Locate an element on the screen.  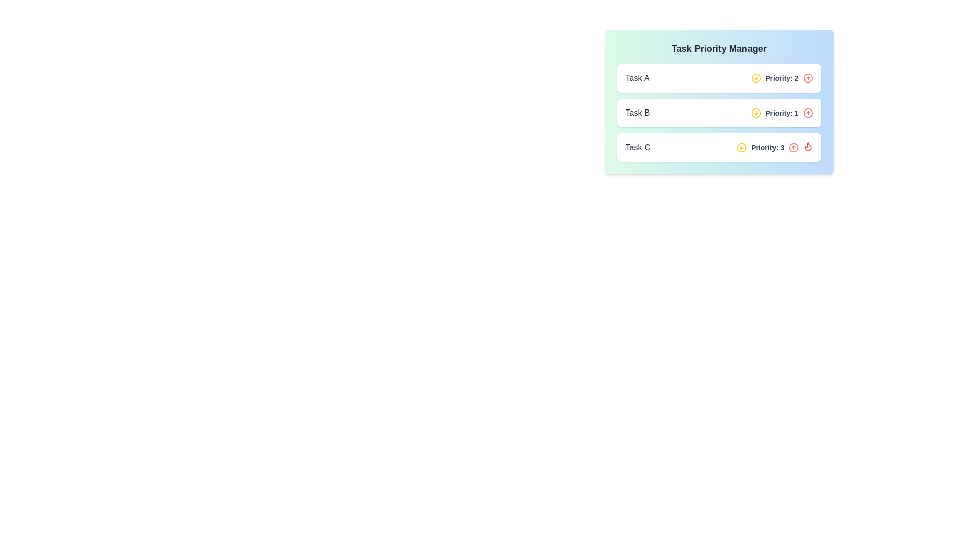
the header text label at the top of the task management section, which indicates the purpose of the interface is located at coordinates (718, 49).